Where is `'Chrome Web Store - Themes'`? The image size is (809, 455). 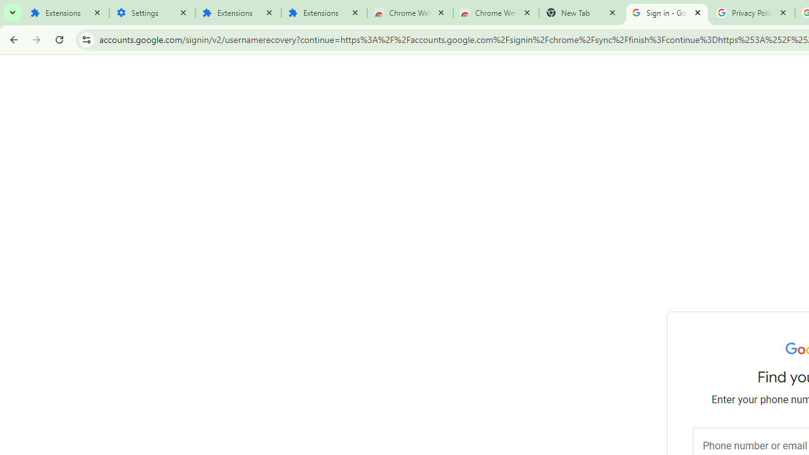 'Chrome Web Store - Themes' is located at coordinates (495, 13).